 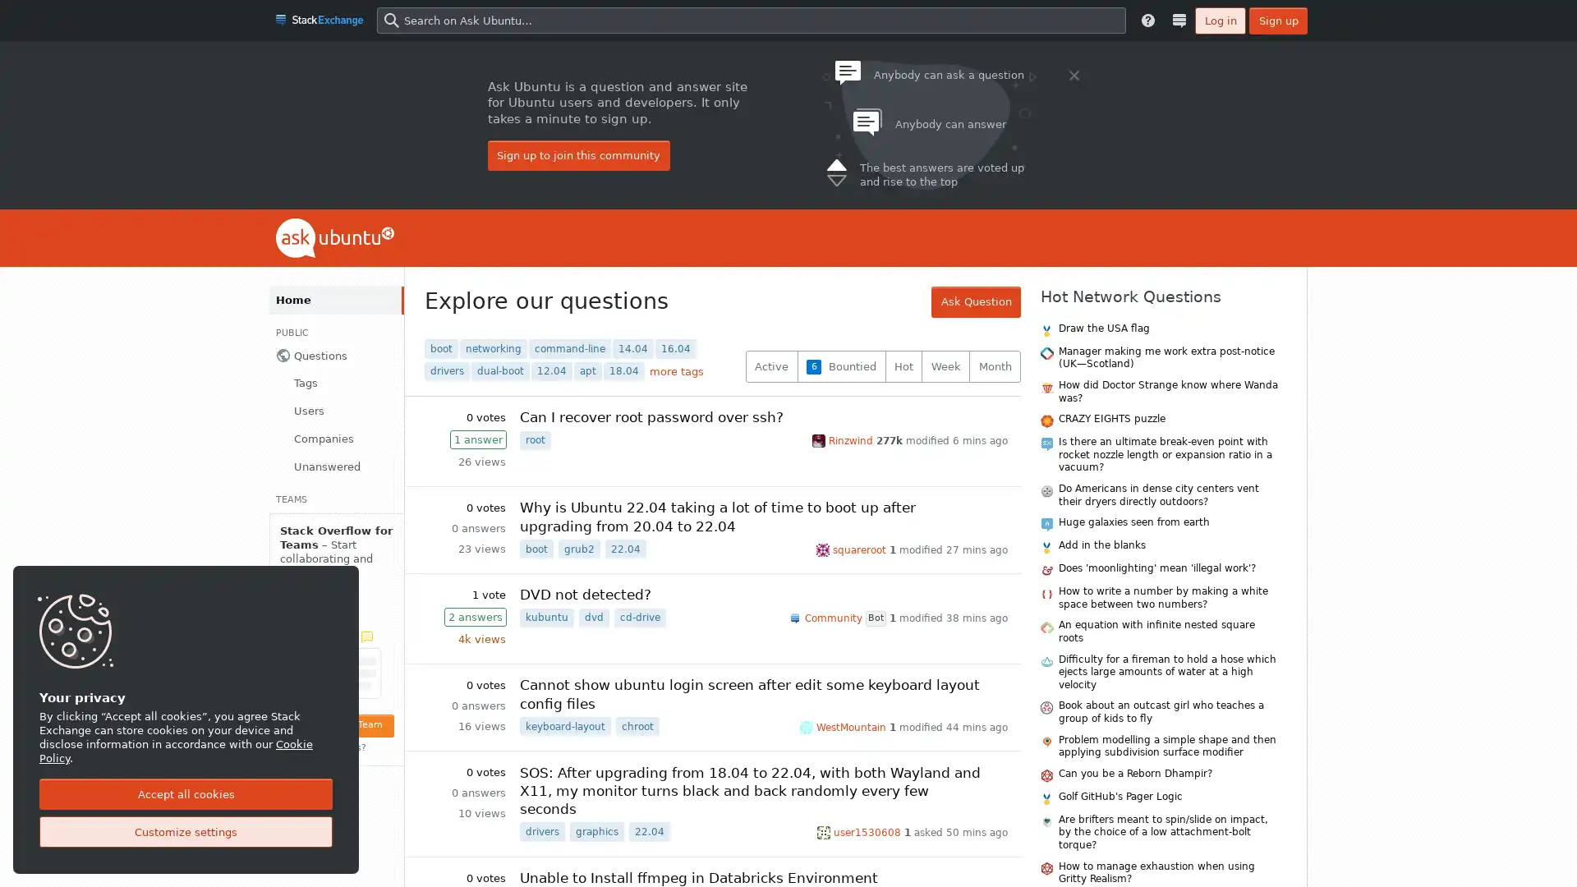 What do you see at coordinates (186, 832) in the screenshot?
I see `Customize settings` at bounding box center [186, 832].